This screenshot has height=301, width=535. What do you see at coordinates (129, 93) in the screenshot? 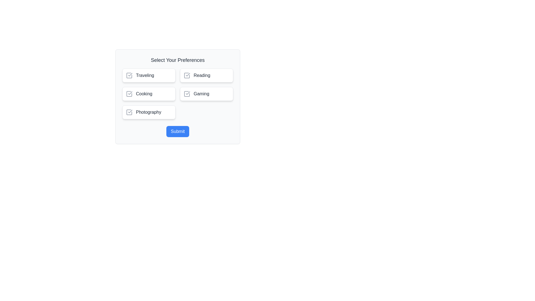
I see `the checkbox icon outlined in gray with a check mark inside, located on the left side of the card containing the text 'Cooking'` at bounding box center [129, 93].